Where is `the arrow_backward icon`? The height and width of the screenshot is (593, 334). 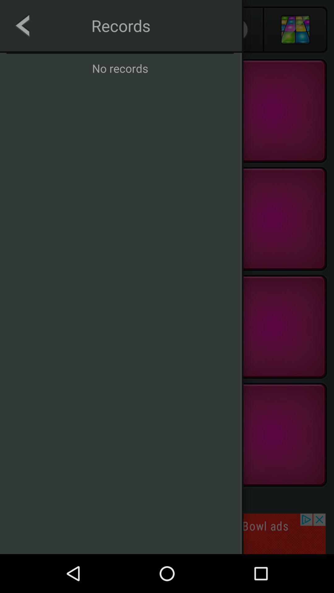 the arrow_backward icon is located at coordinates (38, 29).